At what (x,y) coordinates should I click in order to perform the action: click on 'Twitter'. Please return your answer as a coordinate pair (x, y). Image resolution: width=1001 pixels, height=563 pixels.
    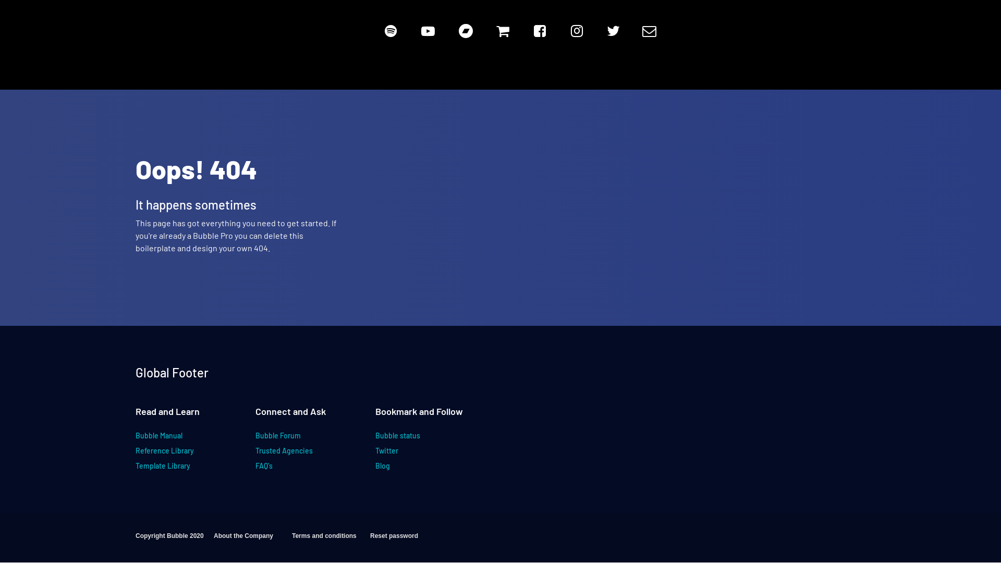
    Looking at the image, I should click on (414, 454).